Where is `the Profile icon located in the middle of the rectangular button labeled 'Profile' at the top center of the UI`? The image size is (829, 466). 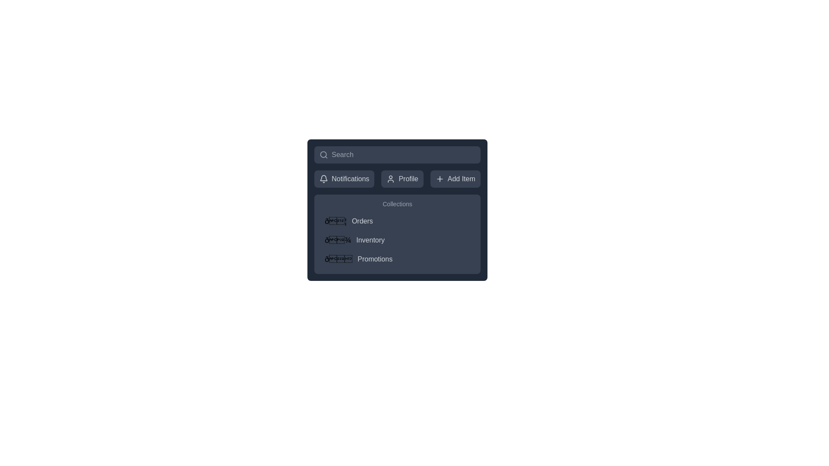 the Profile icon located in the middle of the rectangular button labeled 'Profile' at the top center of the UI is located at coordinates (390, 179).